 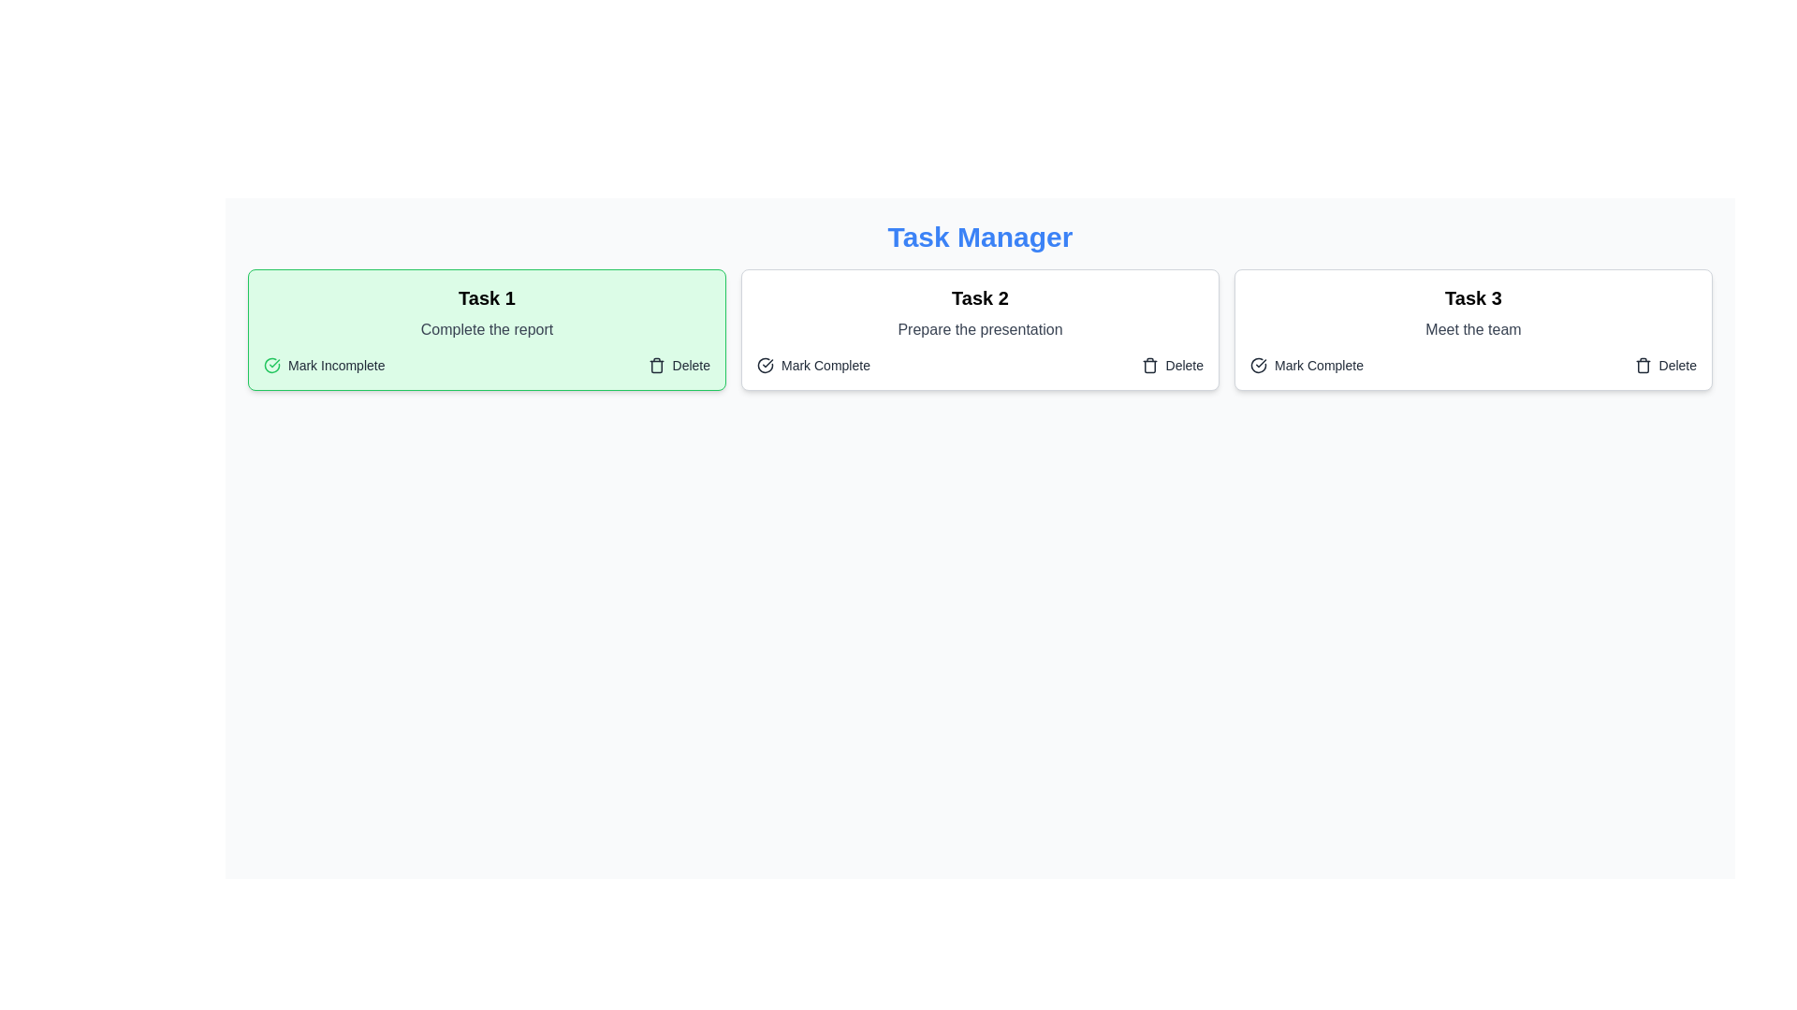 What do you see at coordinates (1642, 365) in the screenshot?
I see `the trash can icon located on the far-right side of the 'Task 3' card in the task manager interface` at bounding box center [1642, 365].